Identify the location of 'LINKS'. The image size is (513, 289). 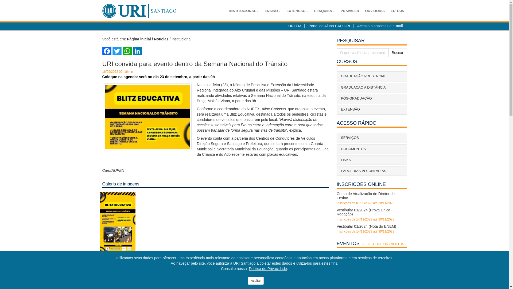
(371, 159).